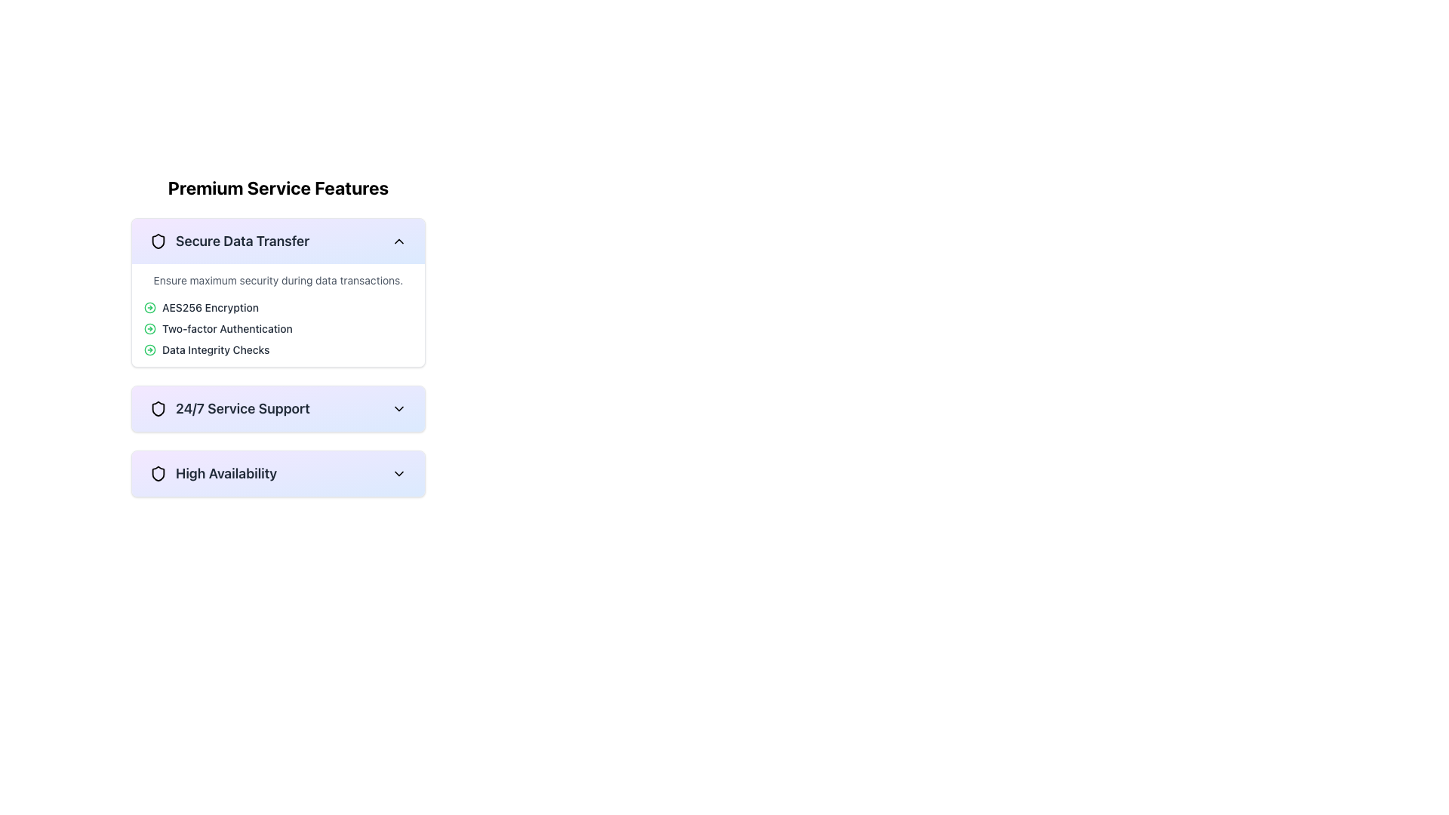 The width and height of the screenshot is (1449, 815). What do you see at coordinates (149, 349) in the screenshot?
I see `the 'Data Integrity Checks' icon, which indicates navigation or status related to integrity checks, positioned as the first item in the 'Secure Data Transfer' section` at bounding box center [149, 349].